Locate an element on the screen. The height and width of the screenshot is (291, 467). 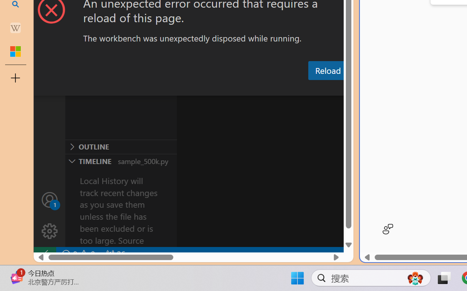
'Timeline Section' is located at coordinates (121, 160).